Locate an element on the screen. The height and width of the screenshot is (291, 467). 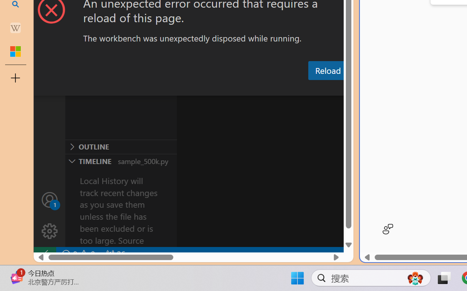
'Timeline Section' is located at coordinates (121, 160).